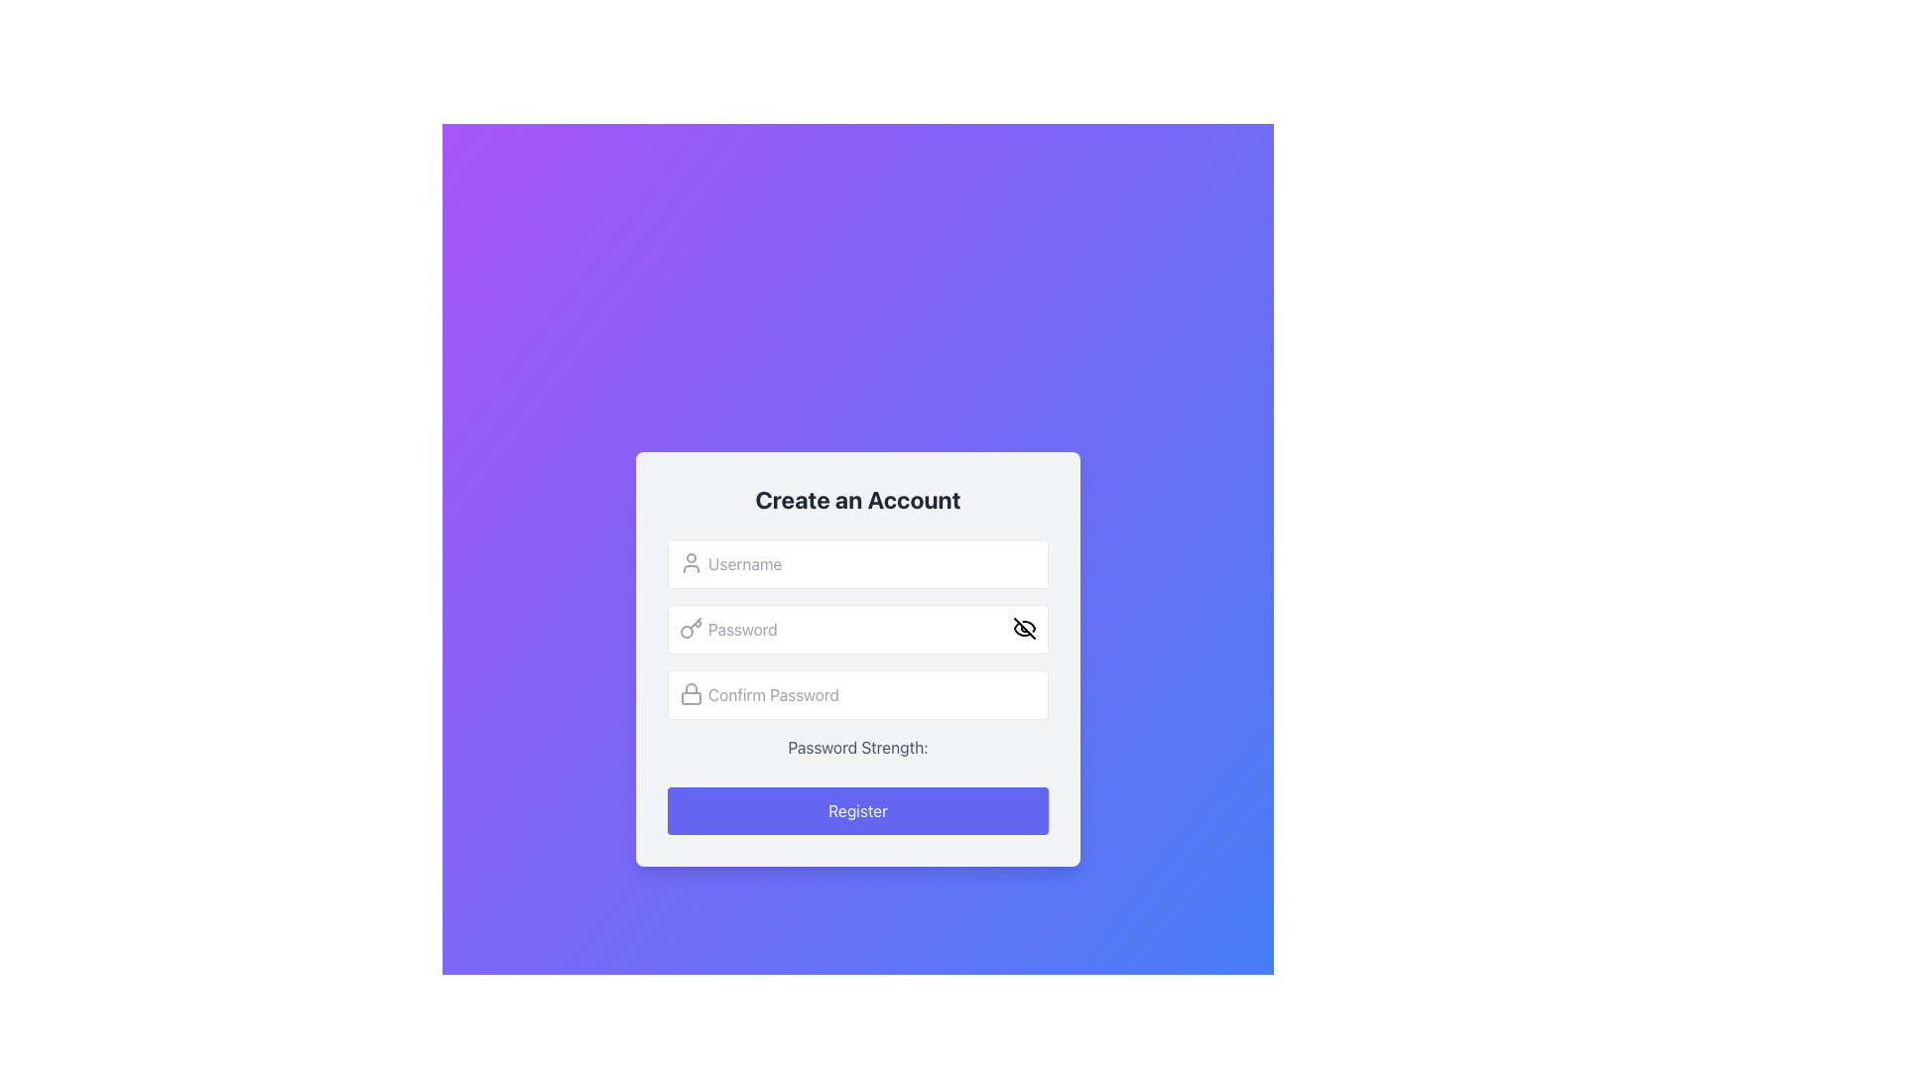  What do you see at coordinates (857, 630) in the screenshot?
I see `the Password Input Field to set the focus for user input during registration` at bounding box center [857, 630].